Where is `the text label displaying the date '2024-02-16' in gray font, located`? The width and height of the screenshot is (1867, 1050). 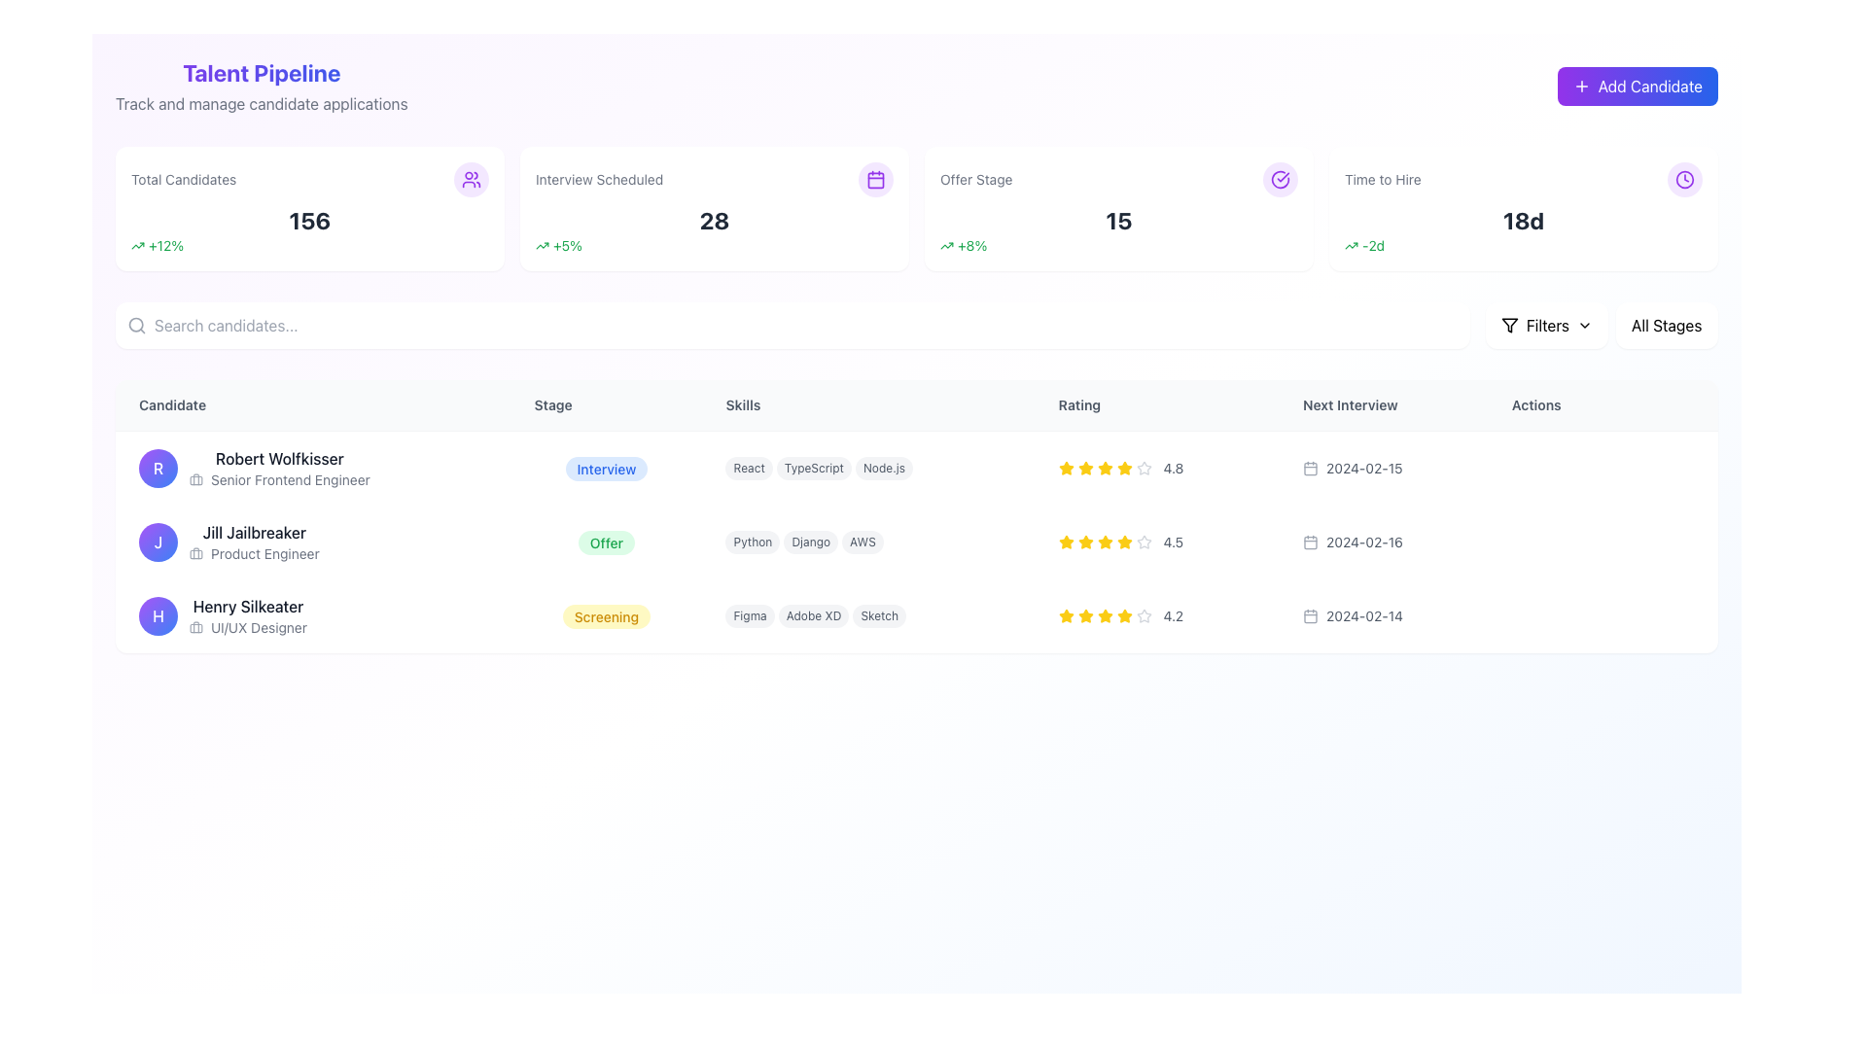
the text label displaying the date '2024-02-16' in gray font, located is located at coordinates (1363, 542).